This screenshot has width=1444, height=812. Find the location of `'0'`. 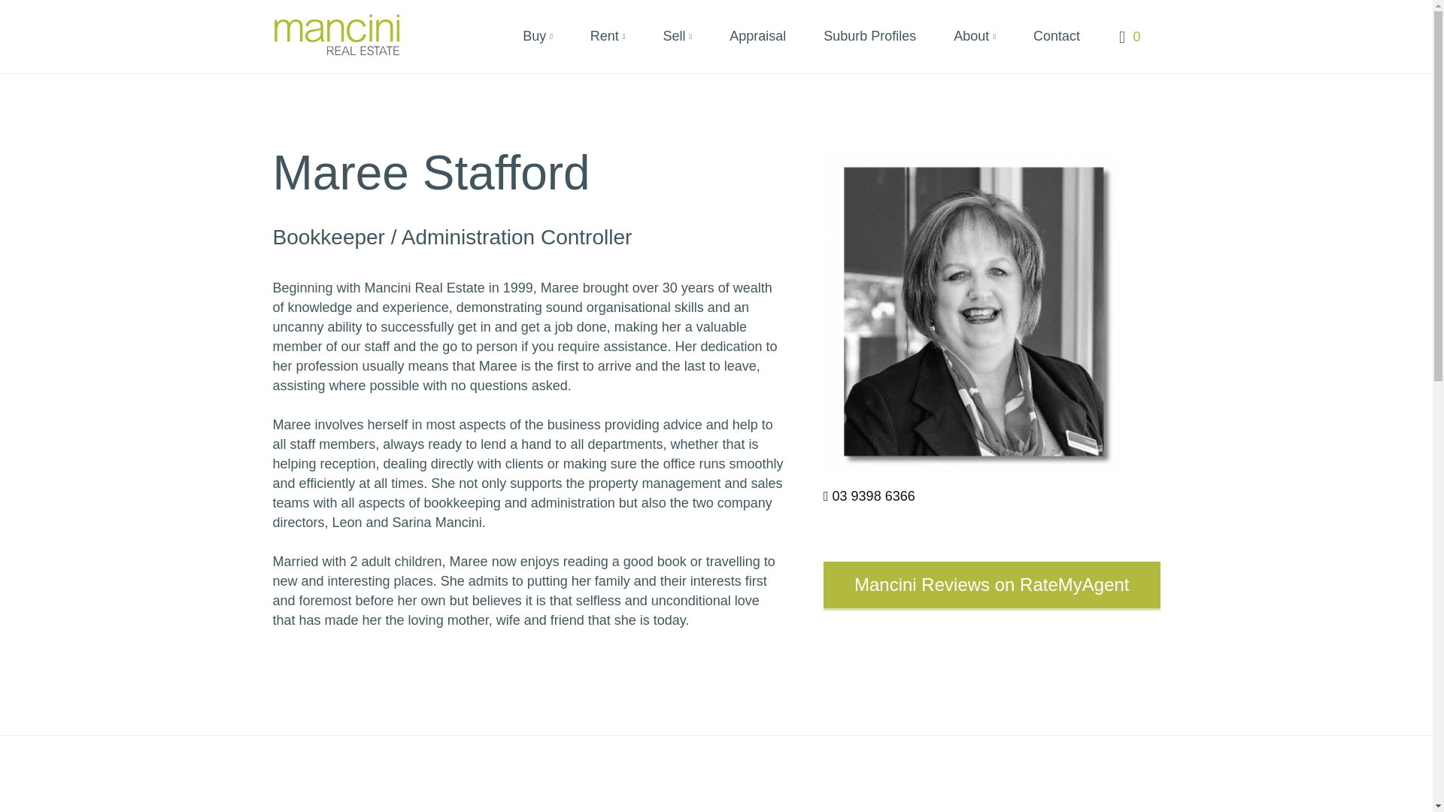

'0' is located at coordinates (1119, 34).